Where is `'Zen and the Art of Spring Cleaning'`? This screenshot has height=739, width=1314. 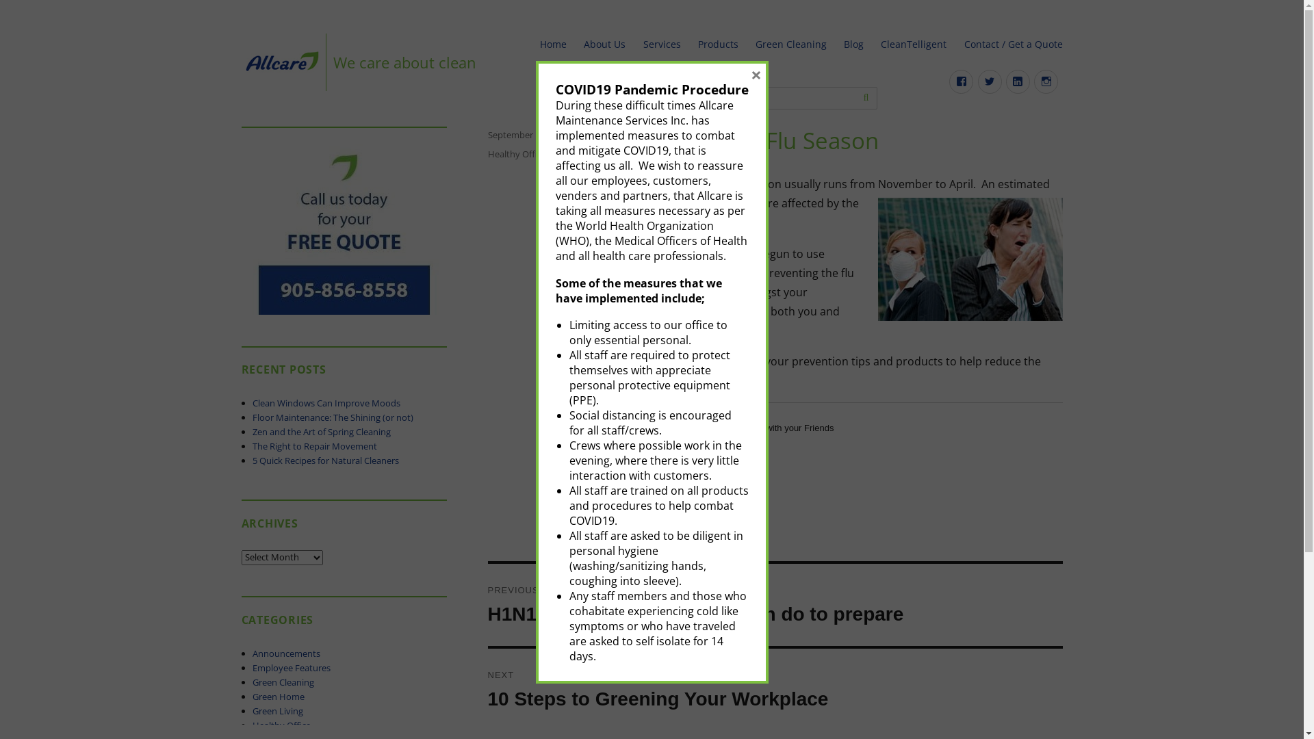
'Zen and the Art of Spring Cleaning' is located at coordinates (321, 432).